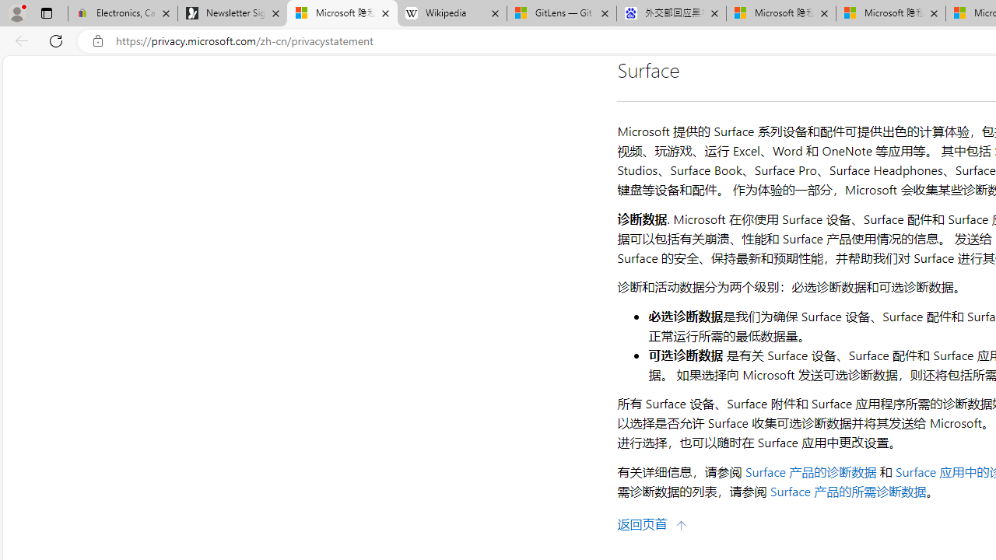 The height and width of the screenshot is (560, 996). Describe the element at coordinates (122, 13) in the screenshot. I see `'Electronics, Cars, Fashion, Collectibles & More | eBay'` at that location.